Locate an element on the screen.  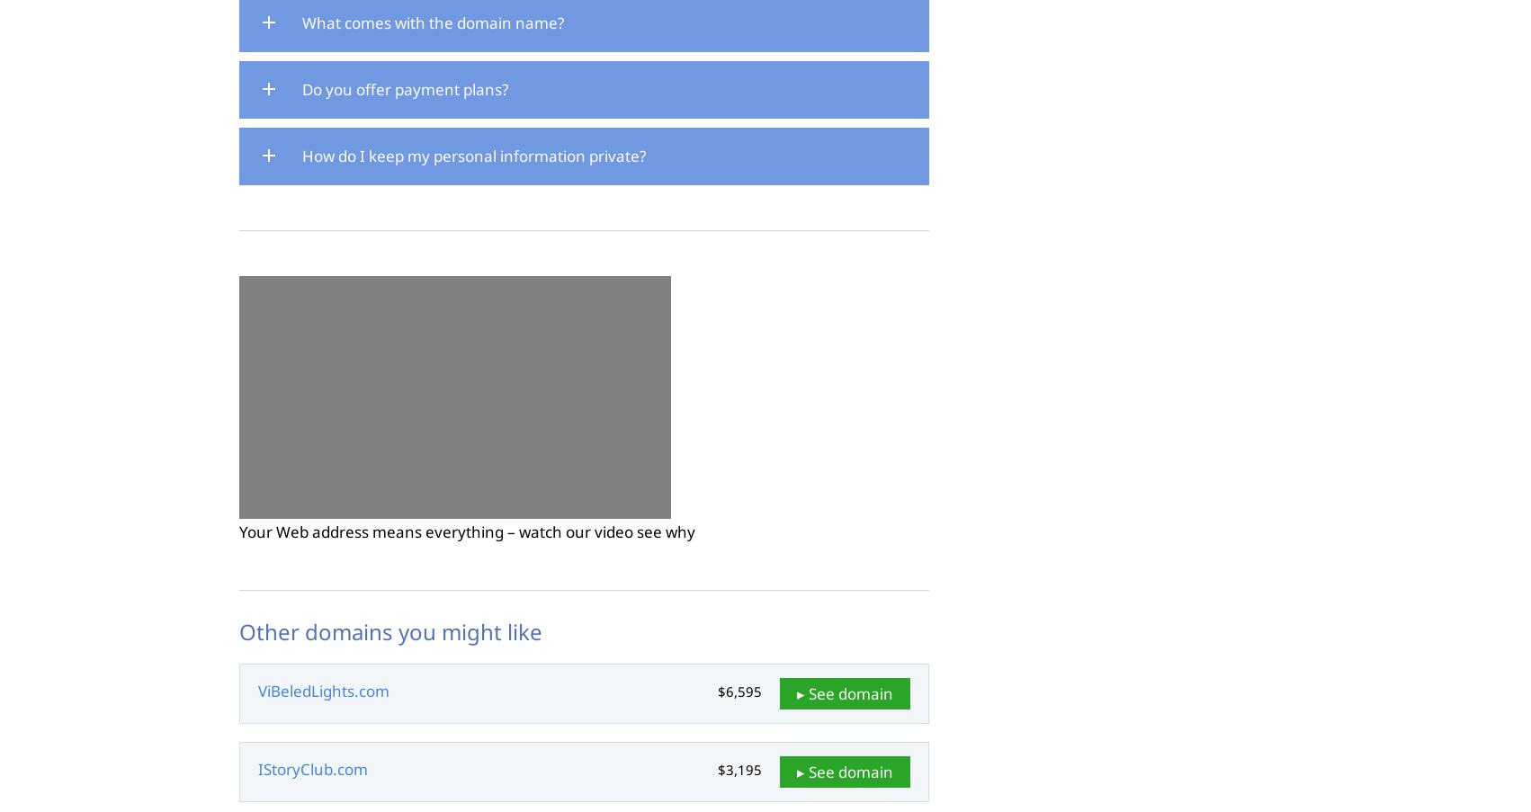
'$6,595' is located at coordinates (739, 691).